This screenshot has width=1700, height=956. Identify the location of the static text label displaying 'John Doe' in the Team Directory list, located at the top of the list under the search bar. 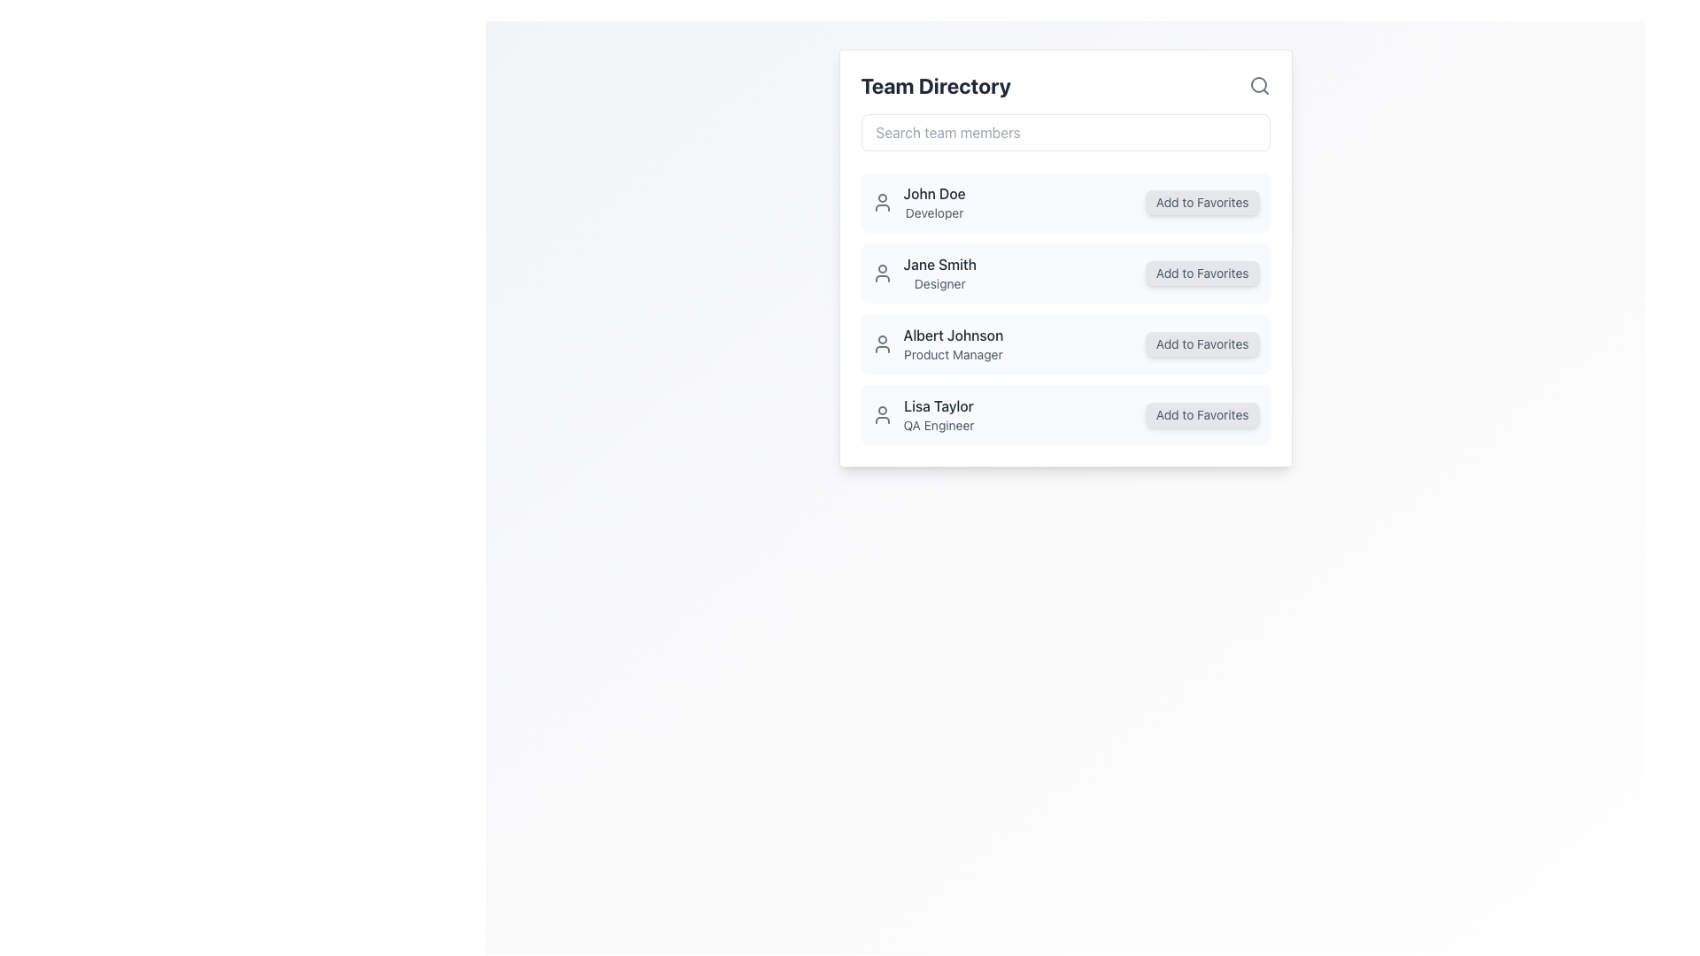
(933, 194).